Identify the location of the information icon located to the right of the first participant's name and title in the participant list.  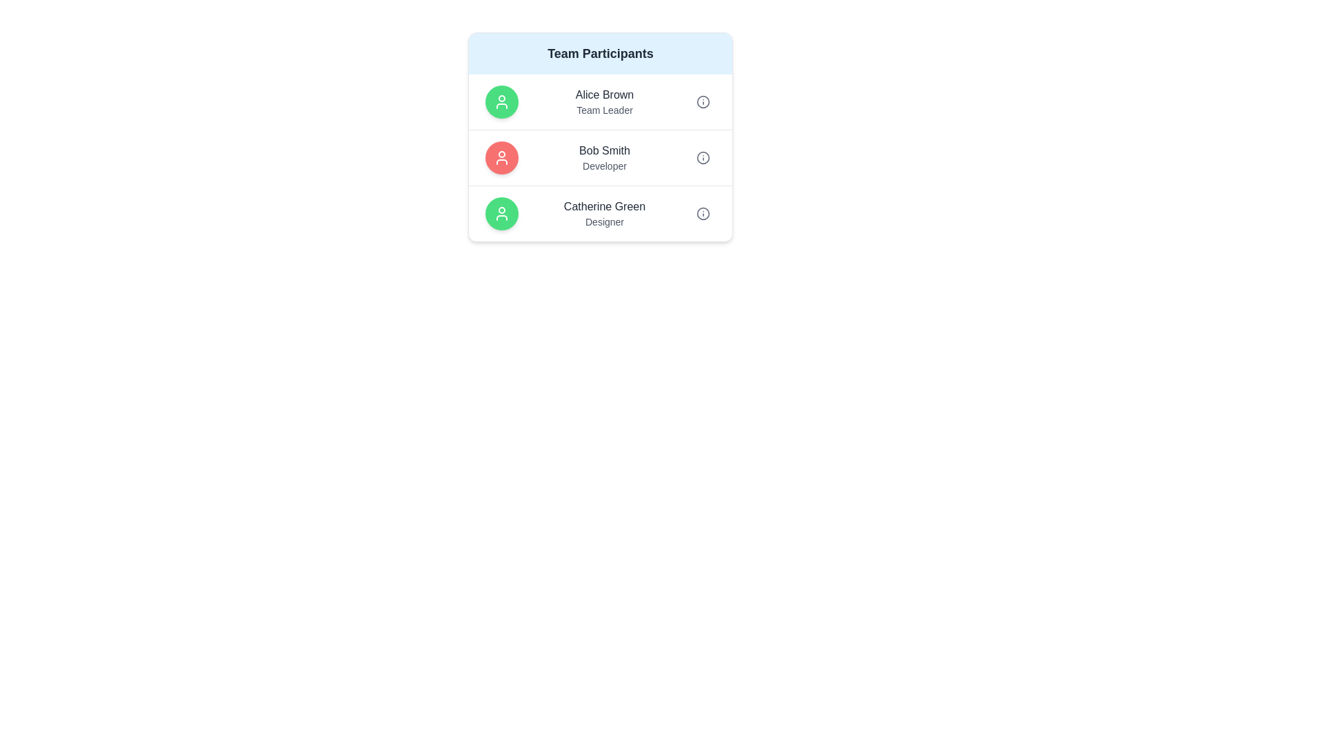
(703, 101).